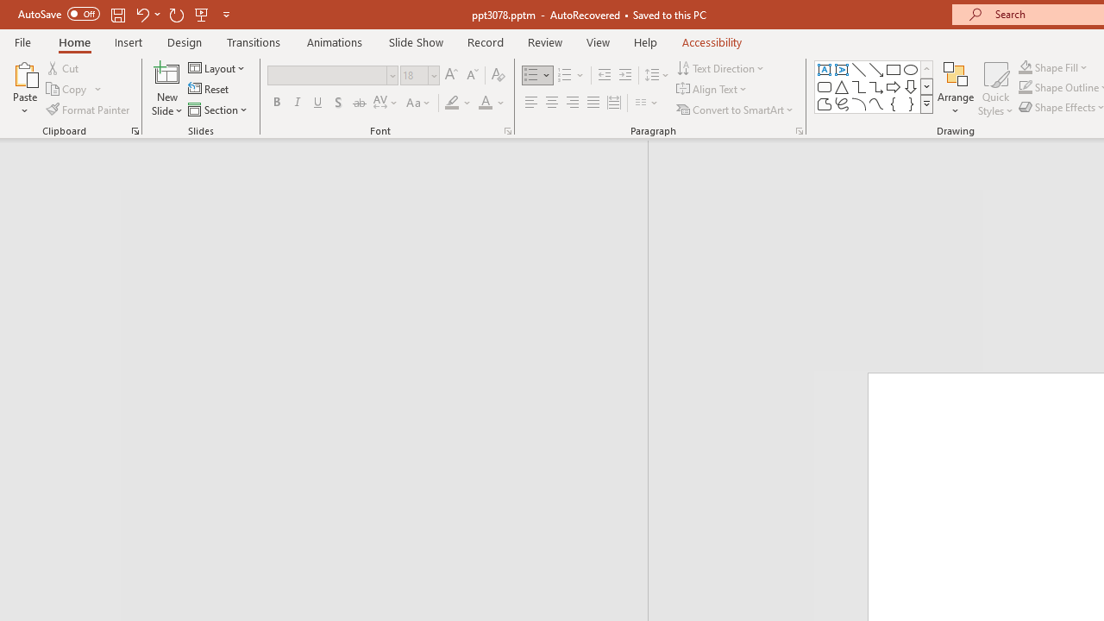  I want to click on 'Numbering', so click(564, 74).